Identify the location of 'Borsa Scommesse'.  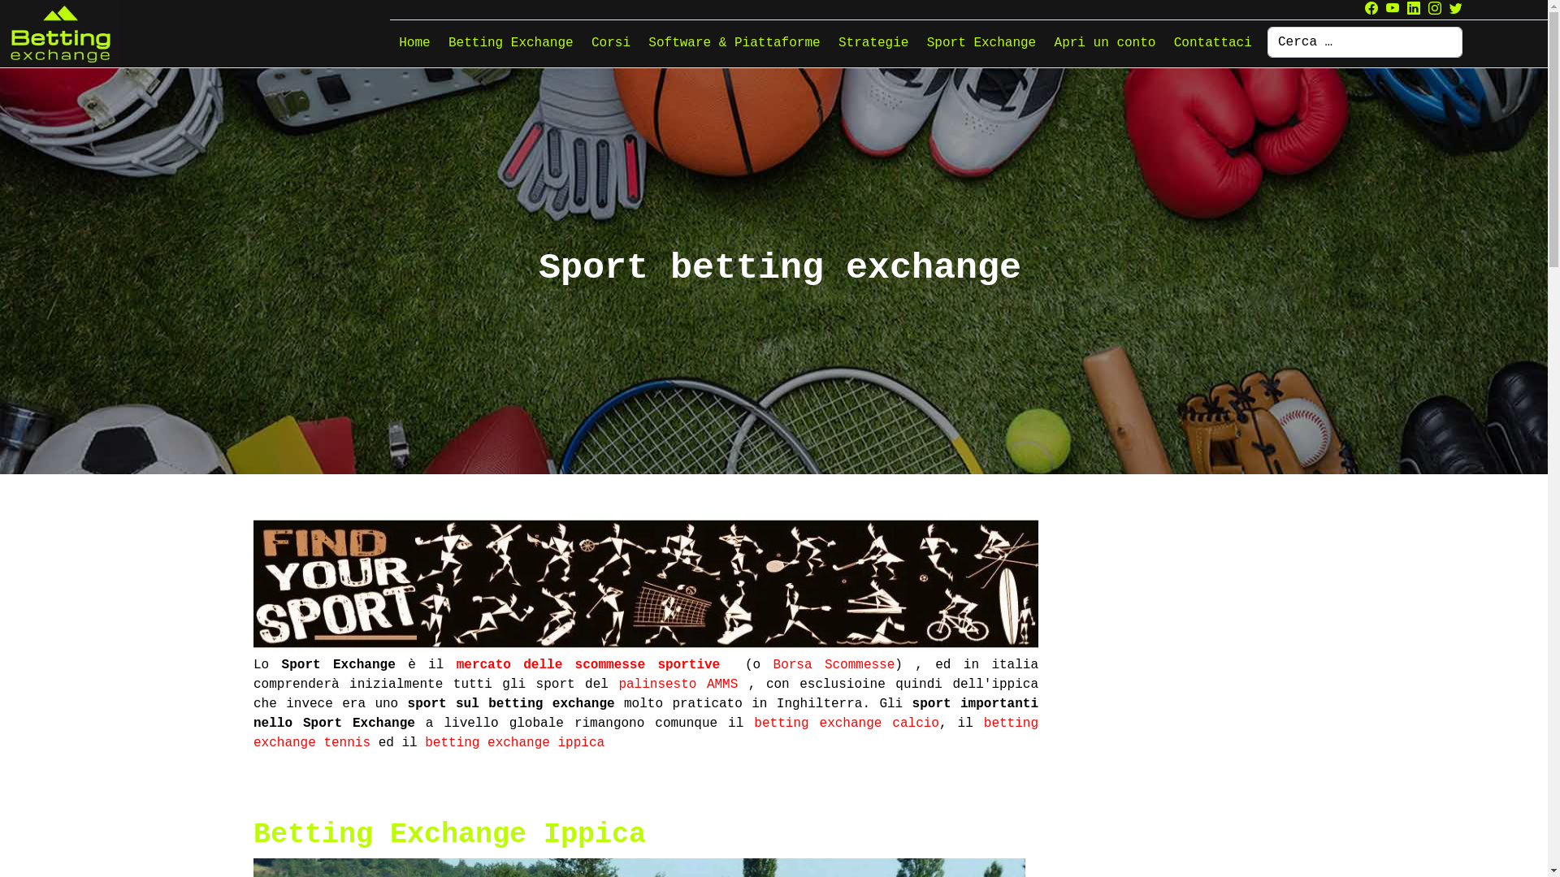
(834, 664).